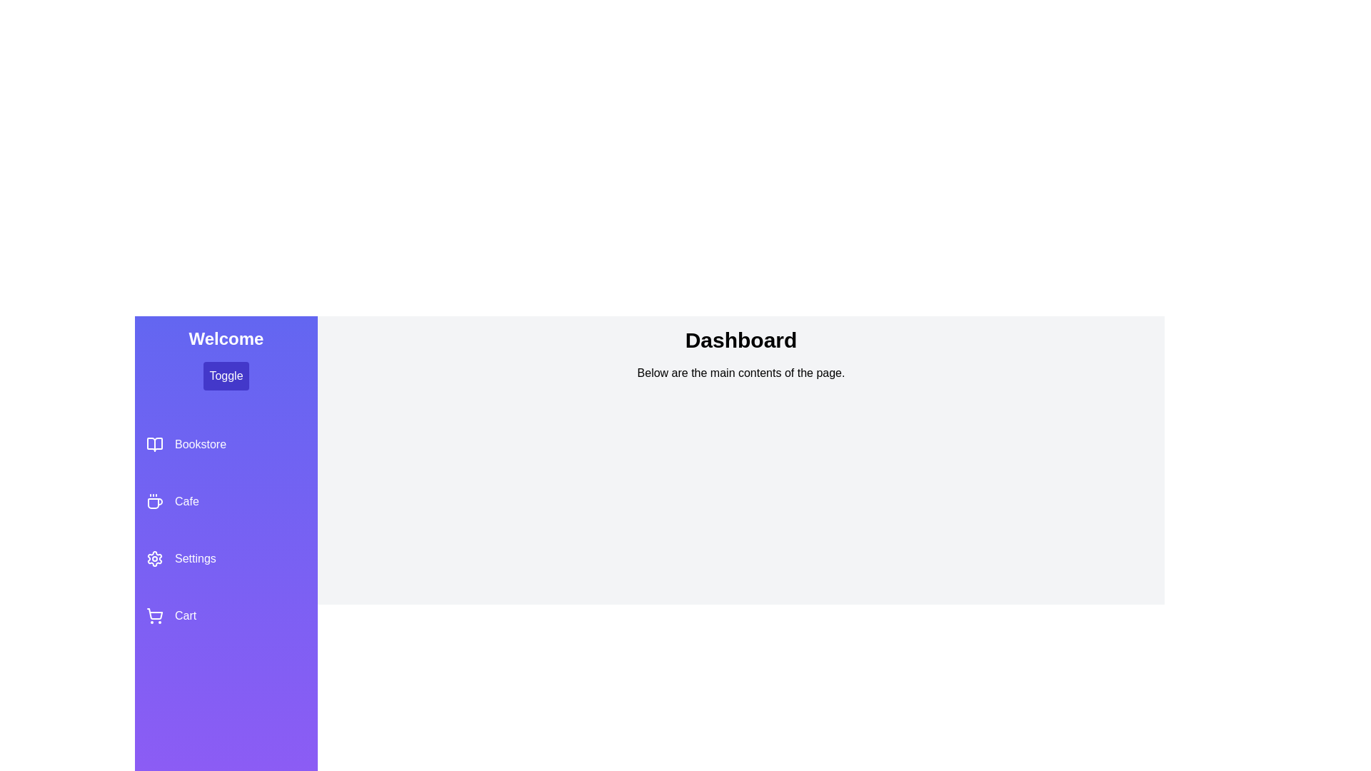  Describe the element at coordinates (225, 615) in the screenshot. I see `the Cart section in the sidebar` at that location.